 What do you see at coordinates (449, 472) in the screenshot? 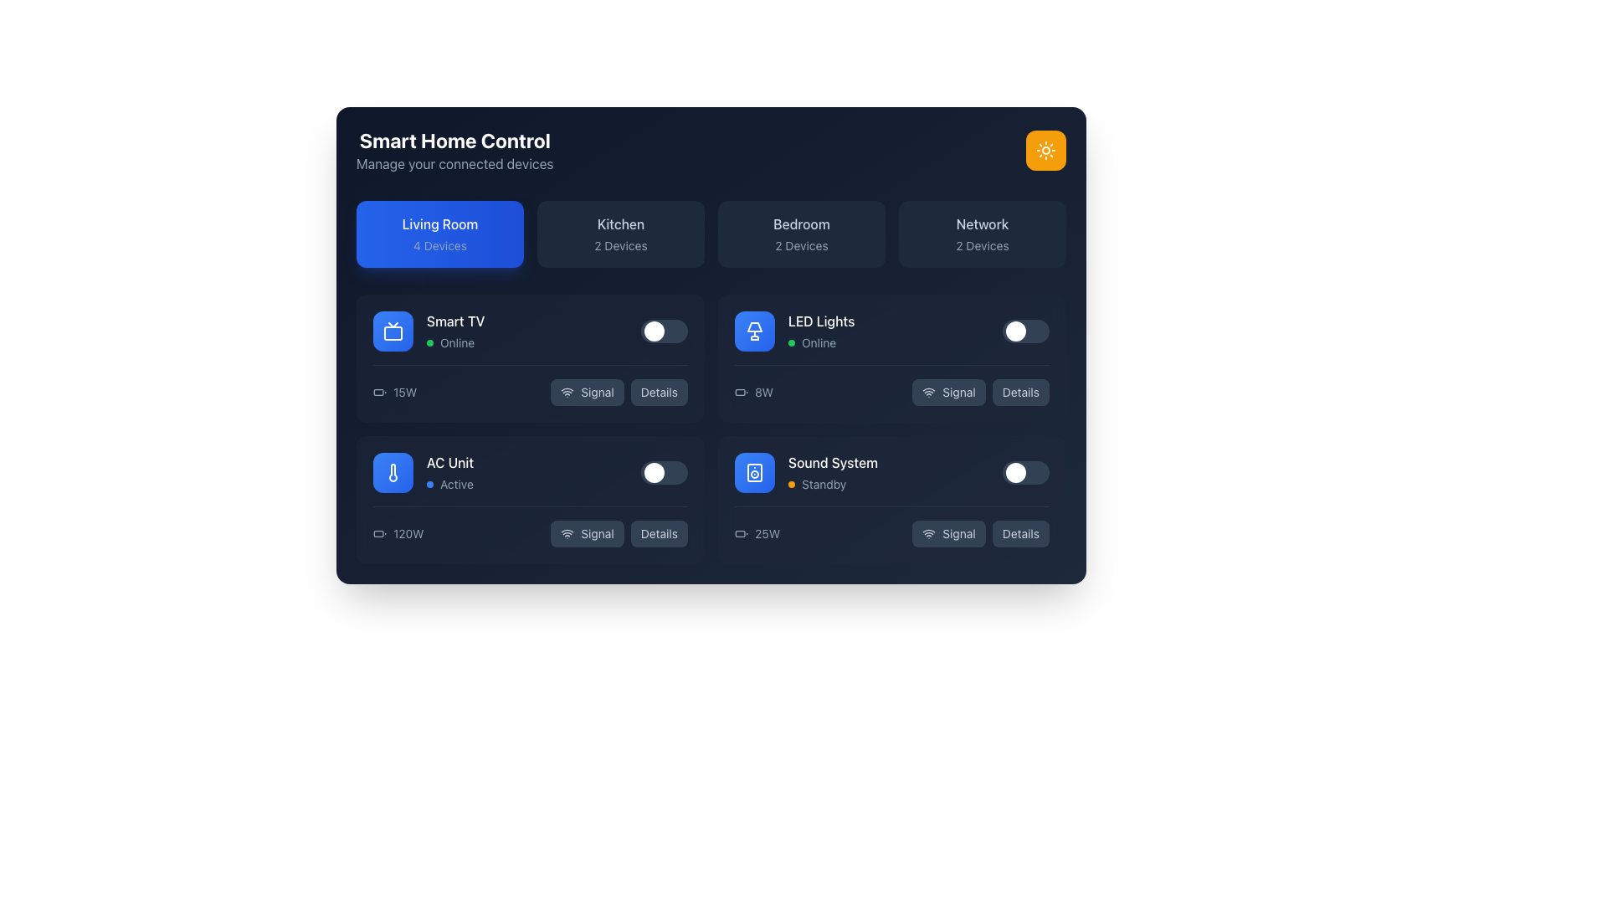
I see `the label indicating the device name 'AC Unit' and its status 'Active', located in the bottom-left section of the 'Living Room' panel` at bounding box center [449, 472].